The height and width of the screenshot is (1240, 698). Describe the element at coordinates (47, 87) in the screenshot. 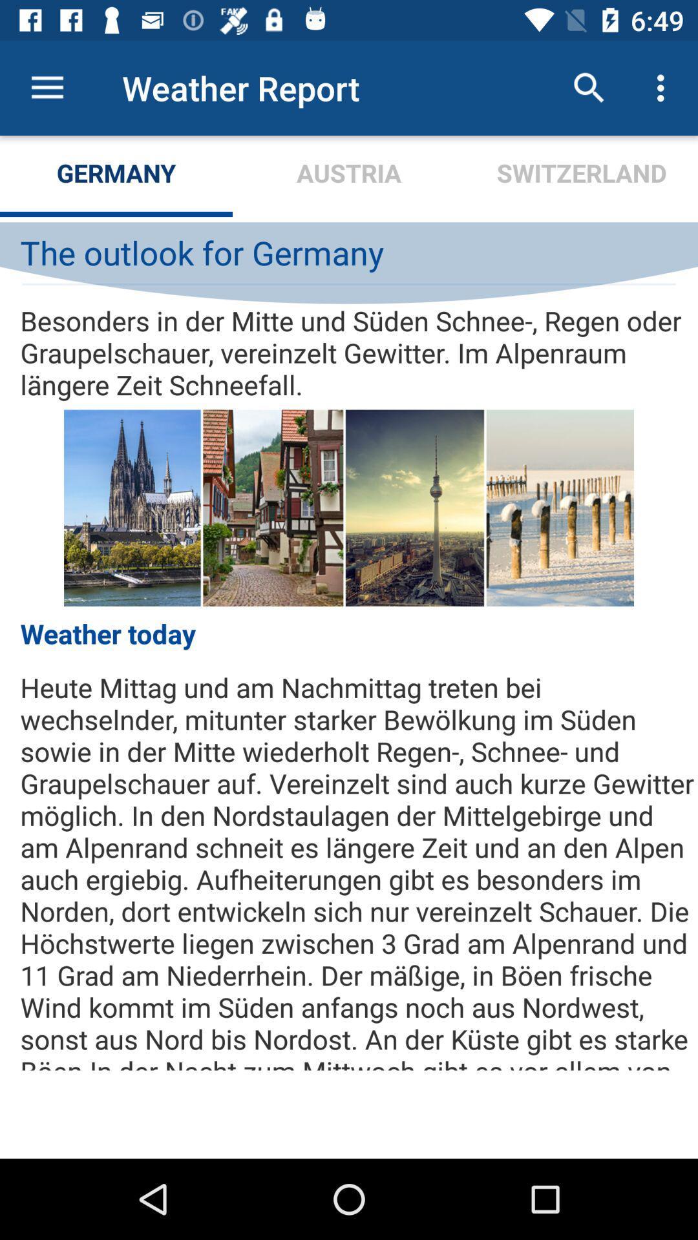

I see `icon next to weather report icon` at that location.